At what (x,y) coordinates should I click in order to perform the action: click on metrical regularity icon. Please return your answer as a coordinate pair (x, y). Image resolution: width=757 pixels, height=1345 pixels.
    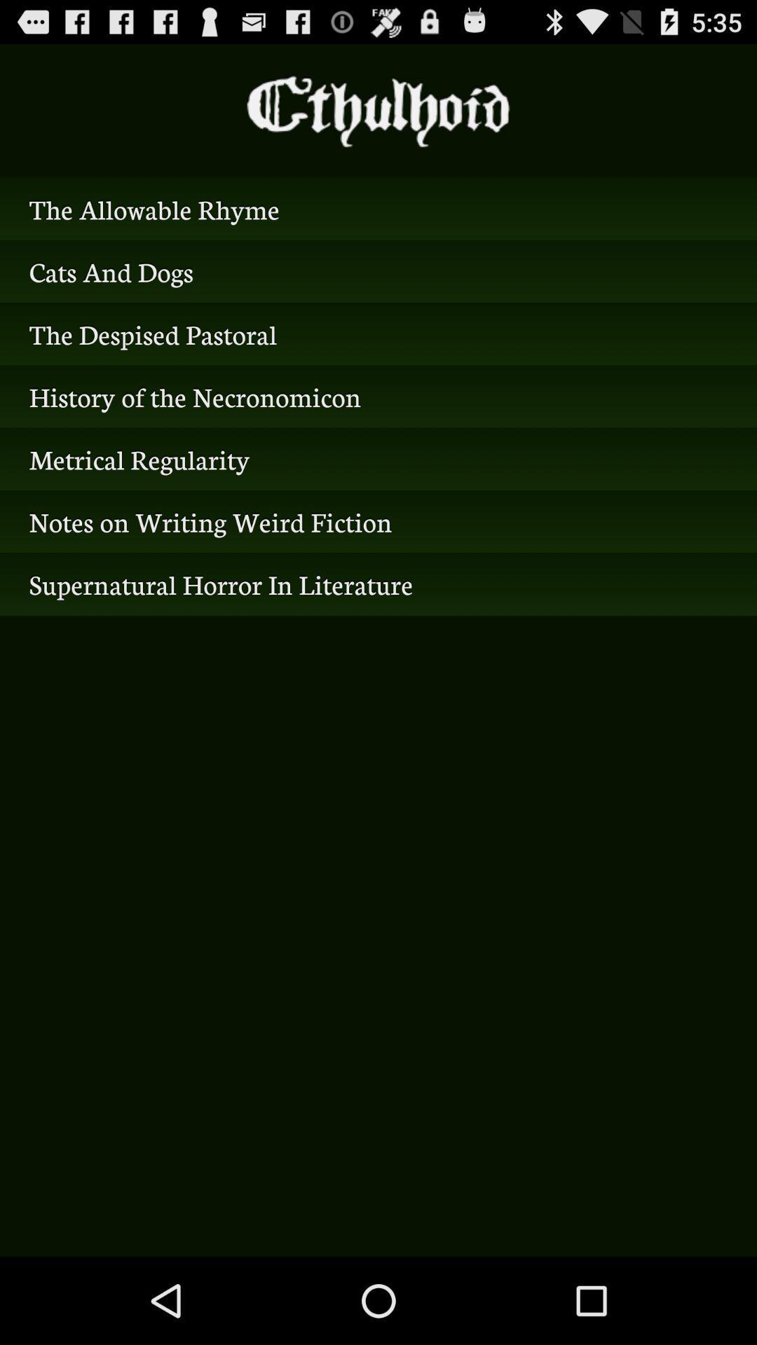
    Looking at the image, I should click on (378, 459).